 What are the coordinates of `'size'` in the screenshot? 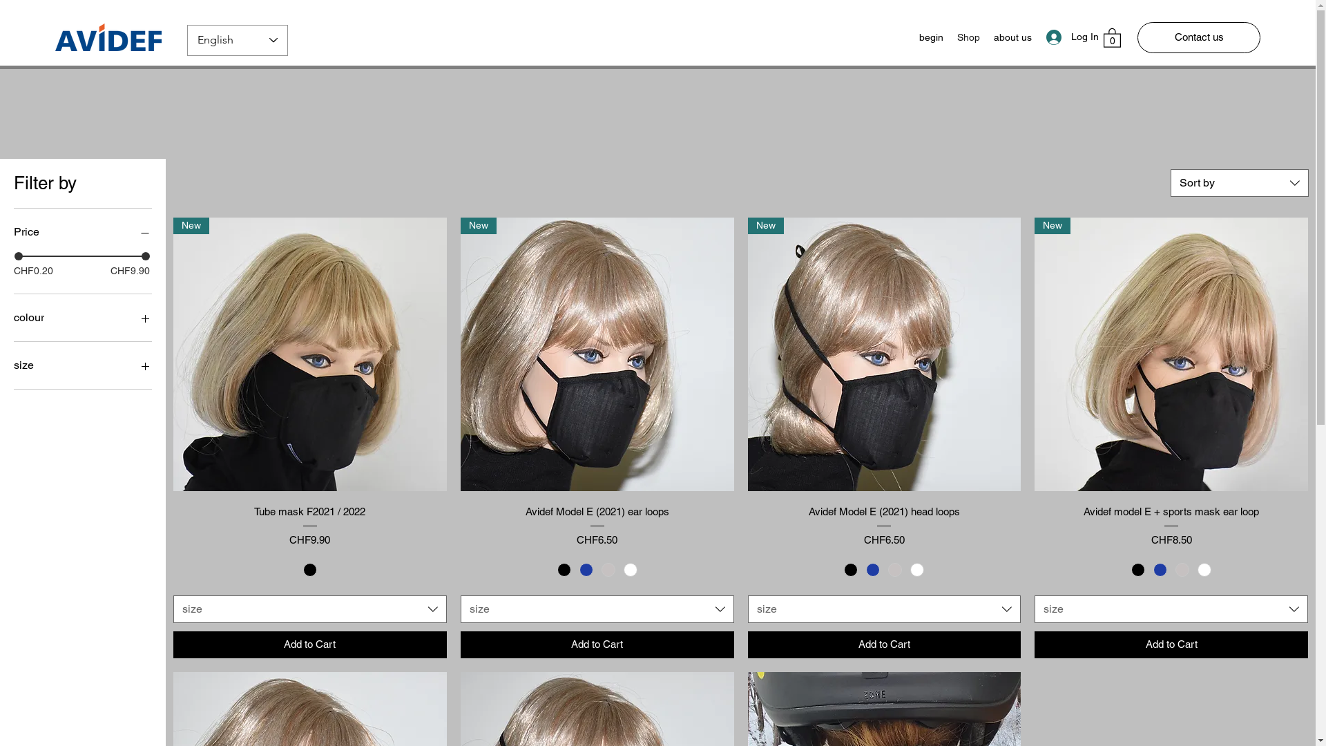 It's located at (82, 364).